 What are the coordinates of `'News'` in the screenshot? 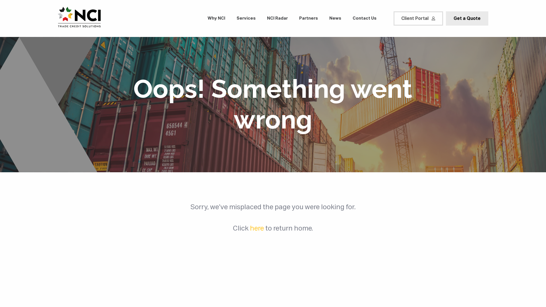 It's located at (335, 18).